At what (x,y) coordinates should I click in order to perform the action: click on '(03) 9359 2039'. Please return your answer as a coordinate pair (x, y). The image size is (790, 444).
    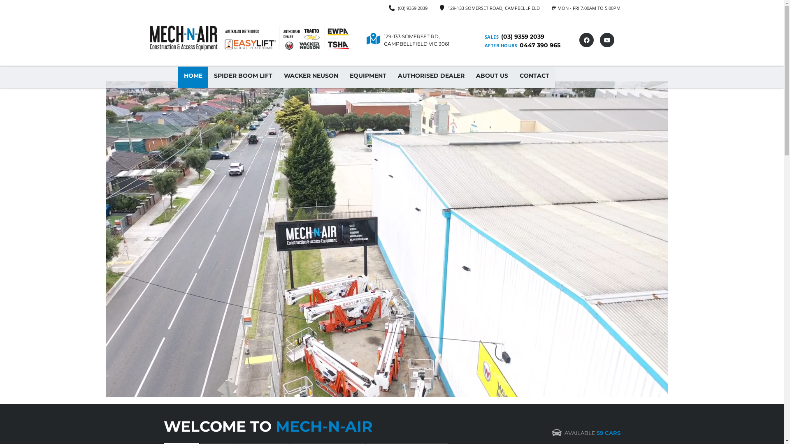
    Looking at the image, I should click on (412, 8).